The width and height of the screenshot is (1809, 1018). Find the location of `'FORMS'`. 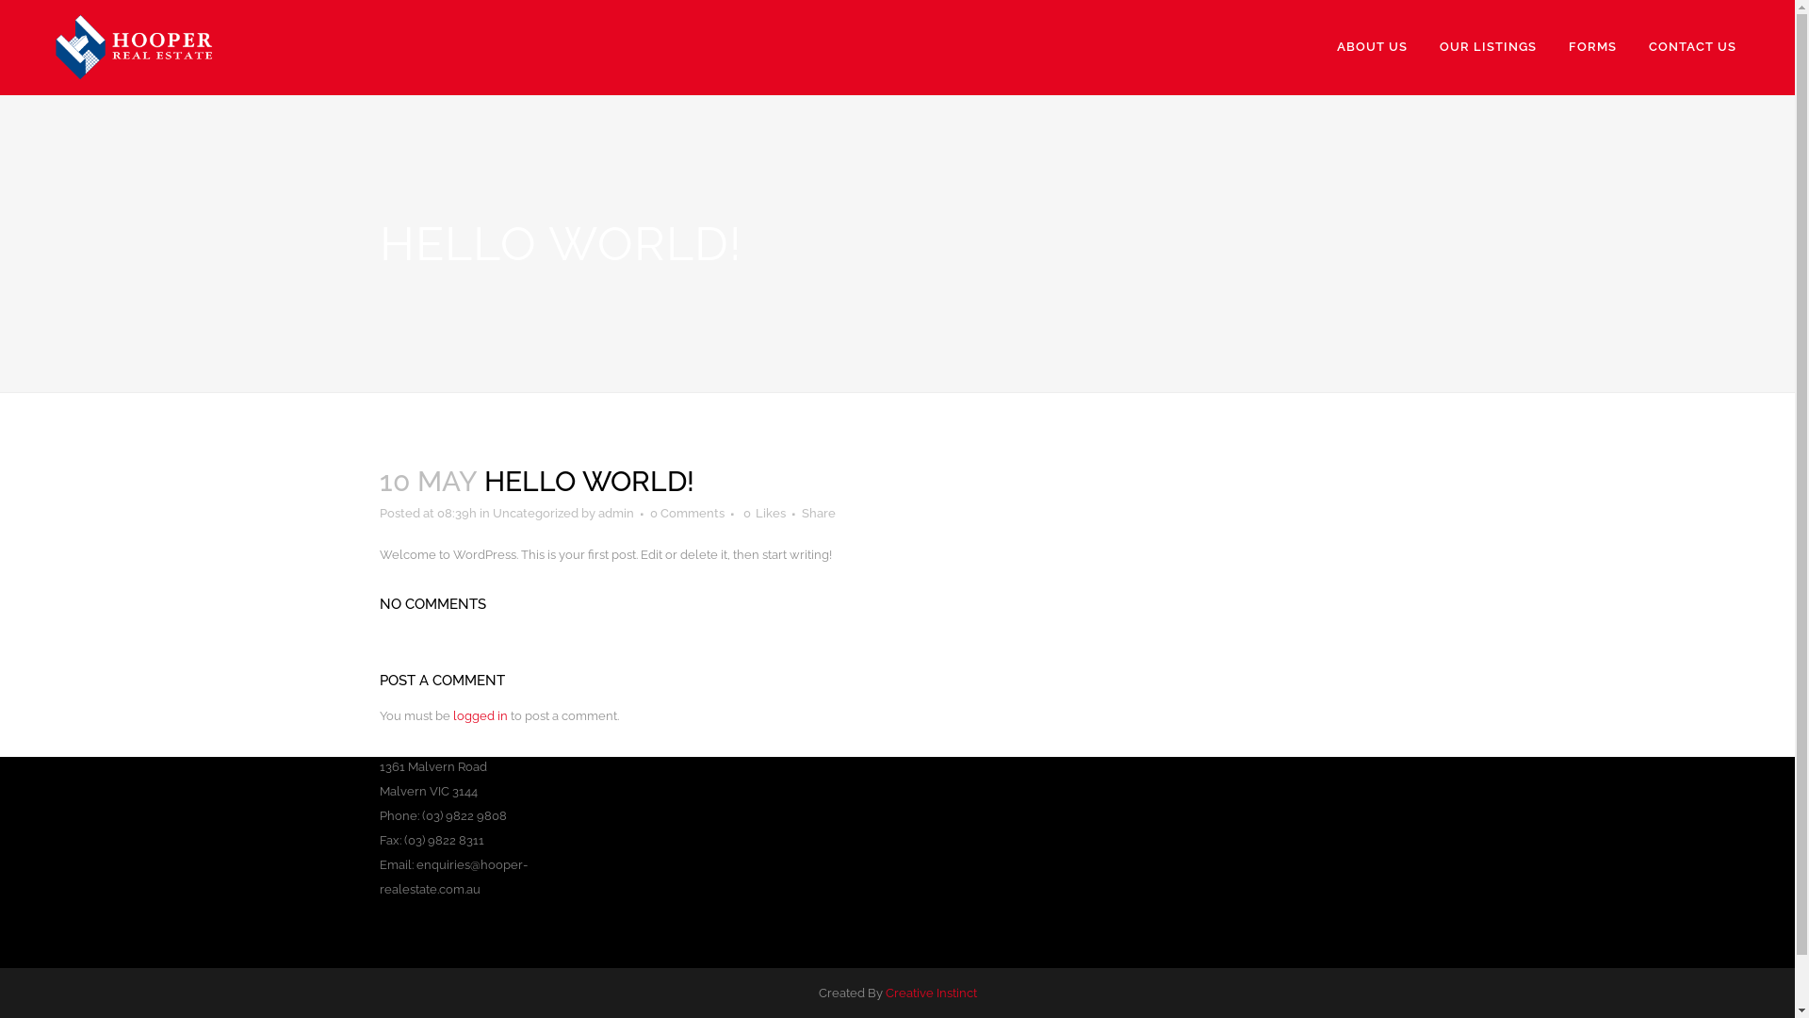

'FORMS' is located at coordinates (1591, 46).